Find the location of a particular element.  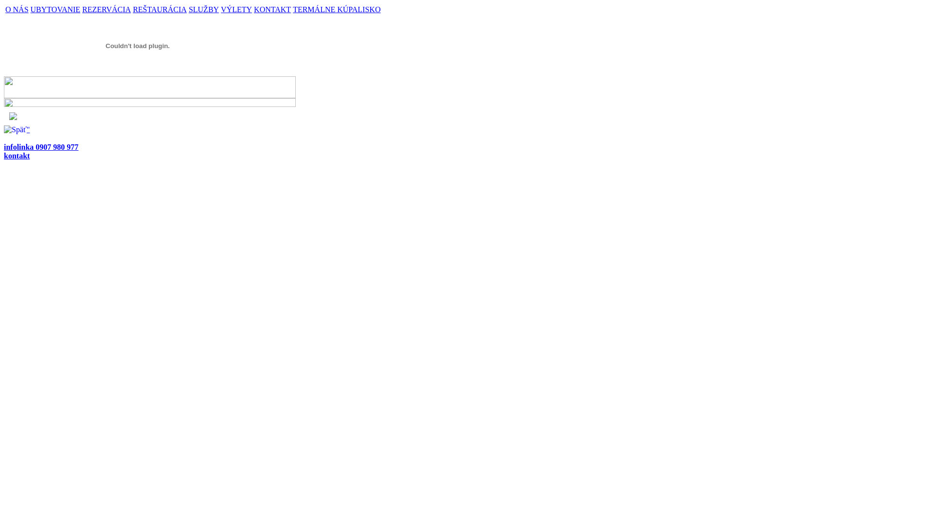

'infolinka 0907 980 977 is located at coordinates (40, 151).